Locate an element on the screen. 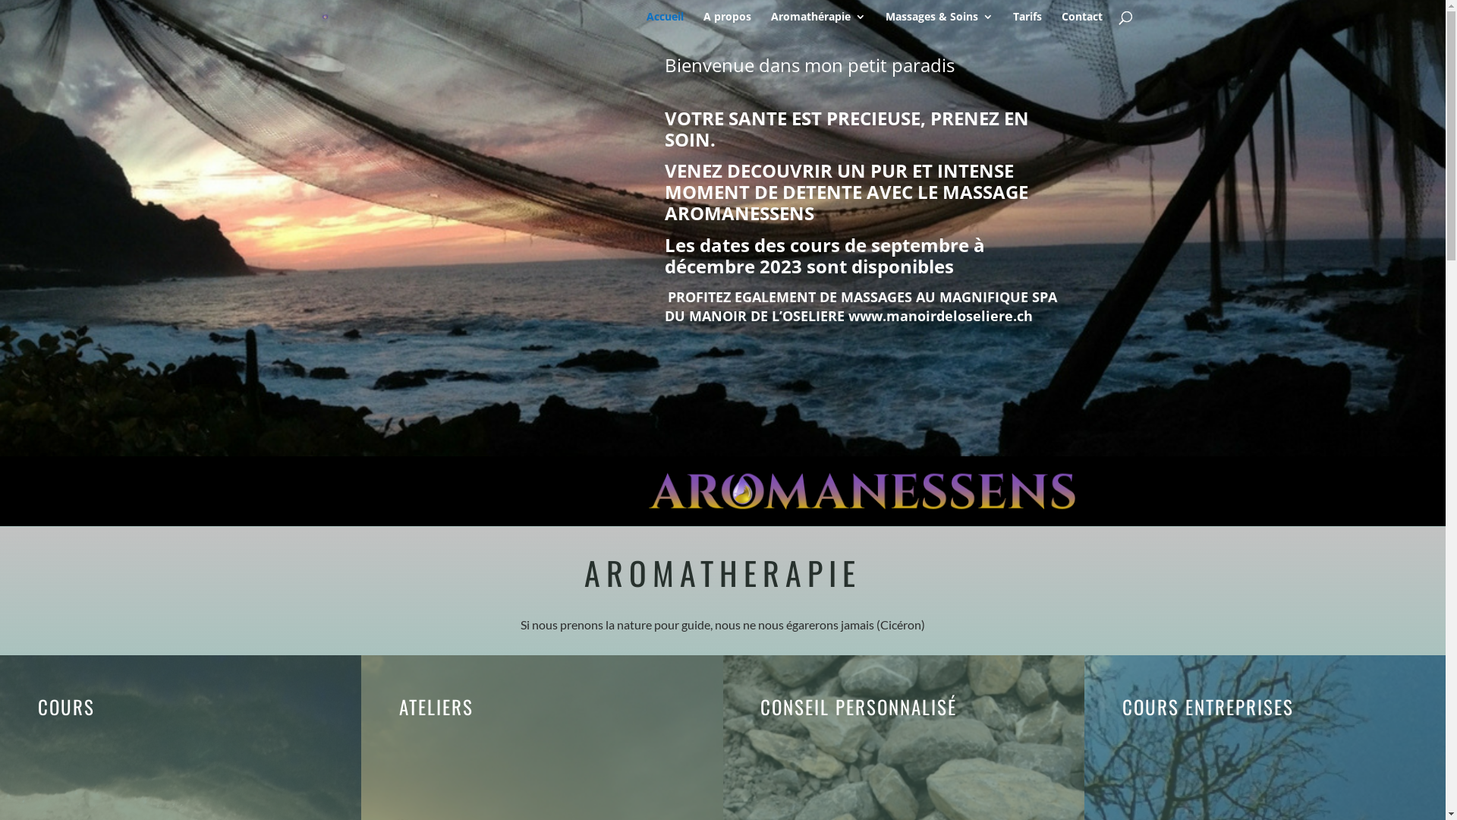 The width and height of the screenshot is (1457, 820). 'Accueil' is located at coordinates (665, 22).